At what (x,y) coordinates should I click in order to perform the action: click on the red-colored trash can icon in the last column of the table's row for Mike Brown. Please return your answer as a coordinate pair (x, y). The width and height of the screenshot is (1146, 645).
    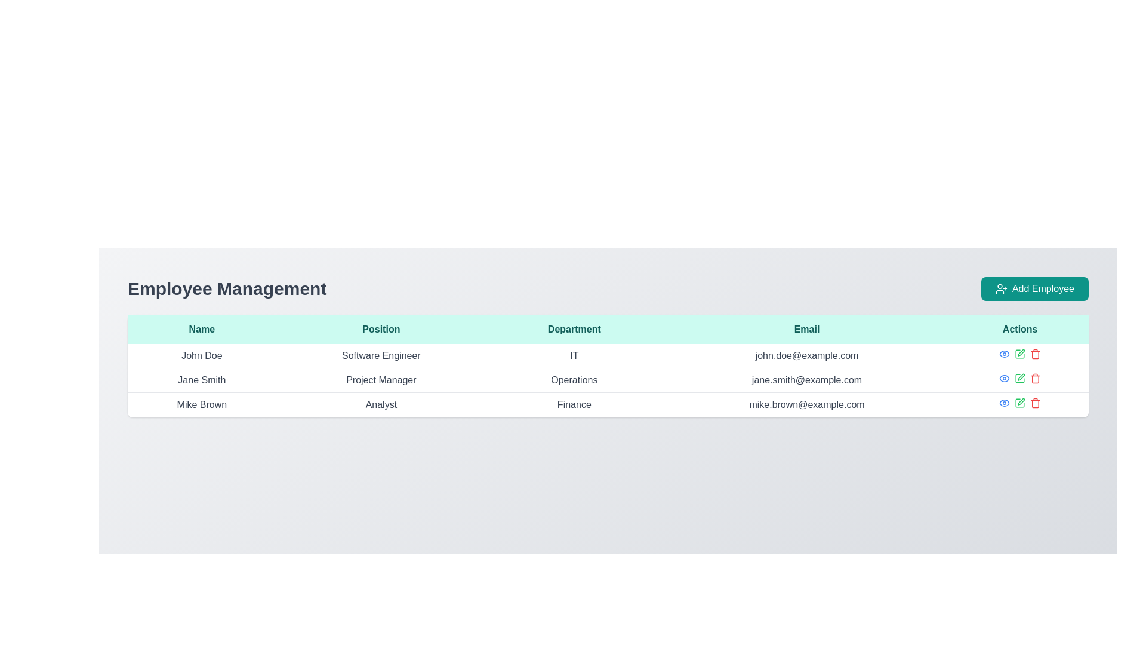
    Looking at the image, I should click on (1034, 403).